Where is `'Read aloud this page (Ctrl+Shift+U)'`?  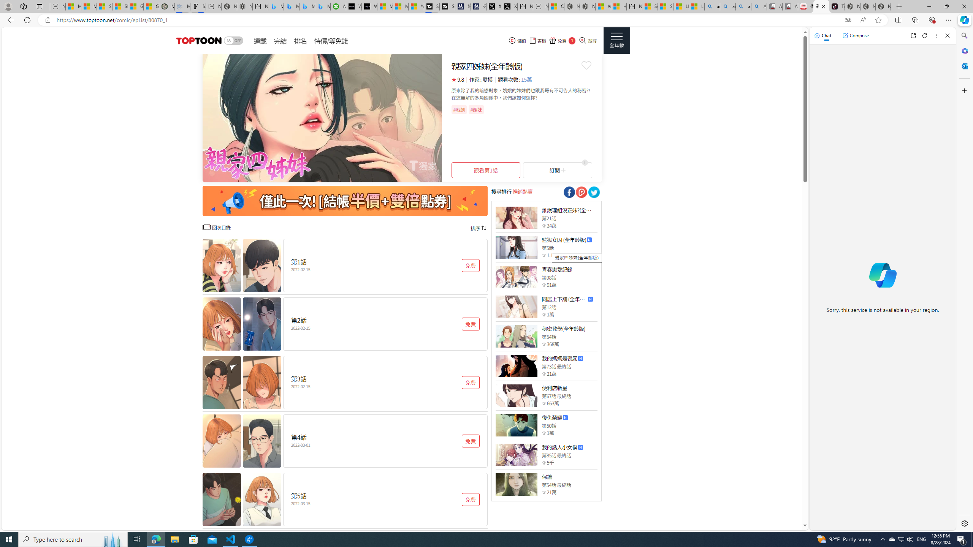 'Read aloud this page (Ctrl+Shift+U)' is located at coordinates (863, 20).